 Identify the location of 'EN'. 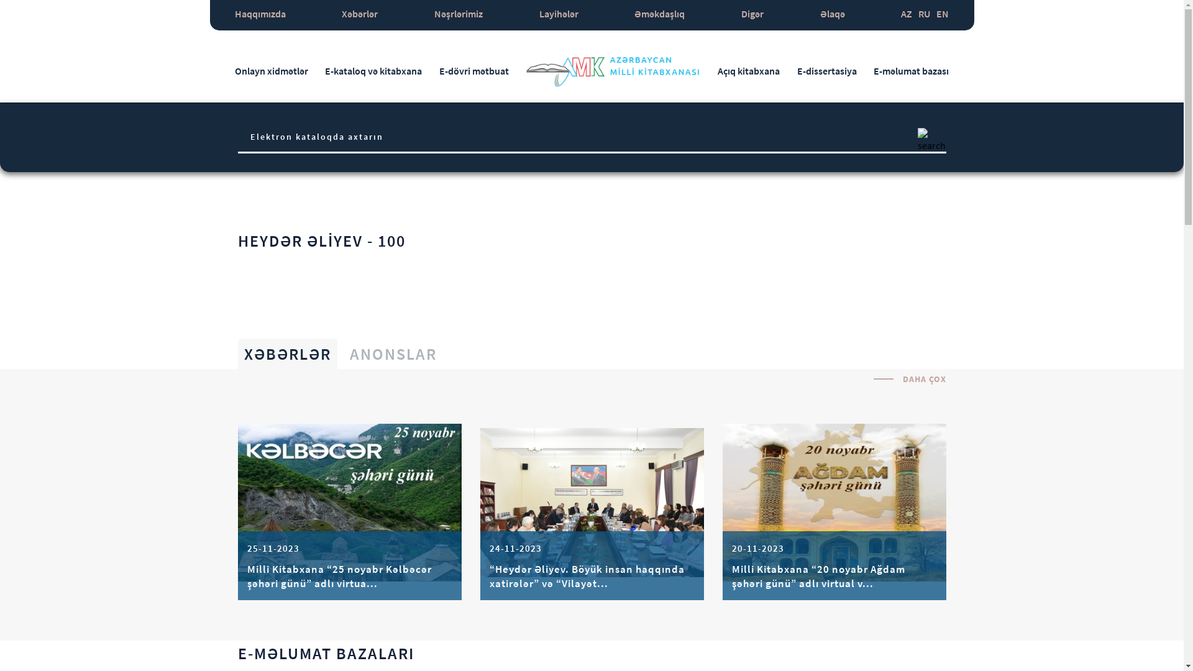
(942, 15).